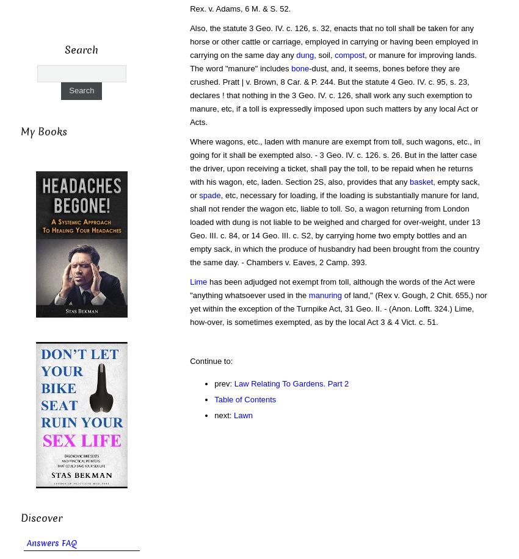  What do you see at coordinates (198, 281) in the screenshot?
I see `'Lime'` at bounding box center [198, 281].